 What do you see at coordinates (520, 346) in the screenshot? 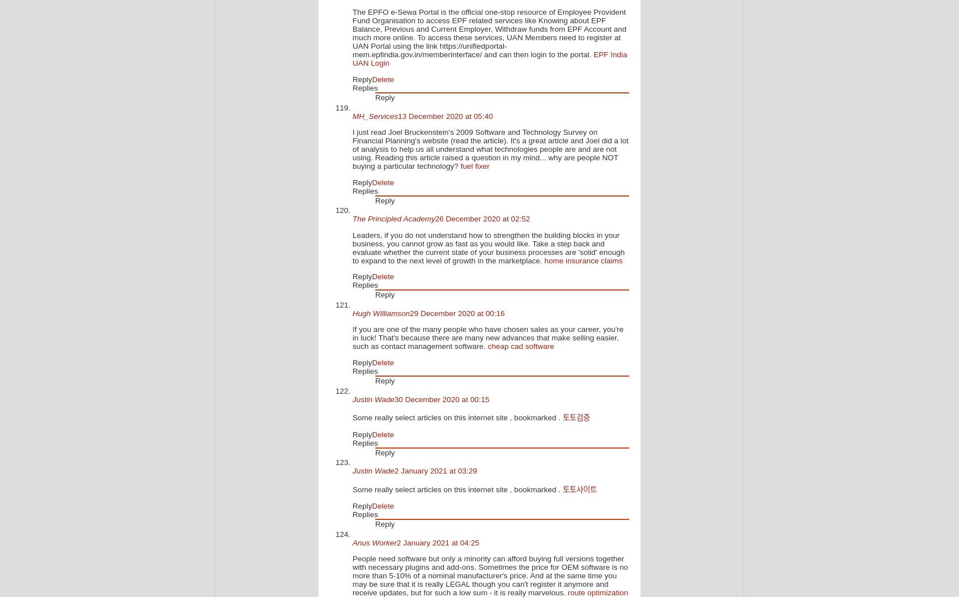
I see `'cheap cad software'` at bounding box center [520, 346].